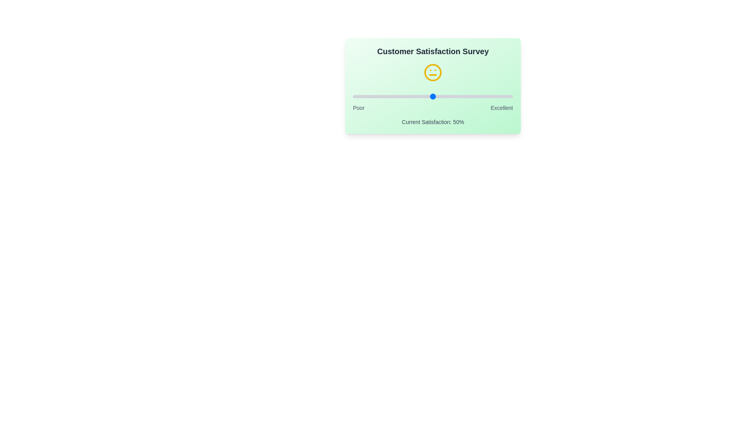  Describe the element at coordinates (427, 96) in the screenshot. I see `the satisfaction slider to 47% to observe the emoji change` at that location.